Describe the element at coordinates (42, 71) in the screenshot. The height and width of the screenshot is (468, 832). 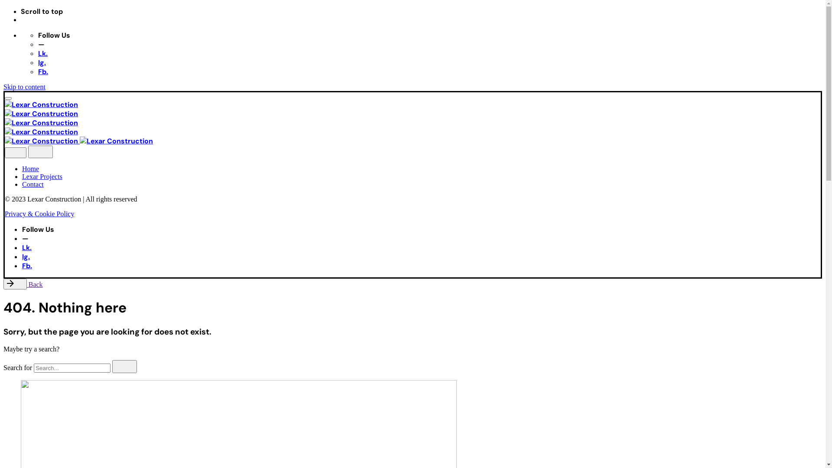
I see `'Fb.'` at that location.